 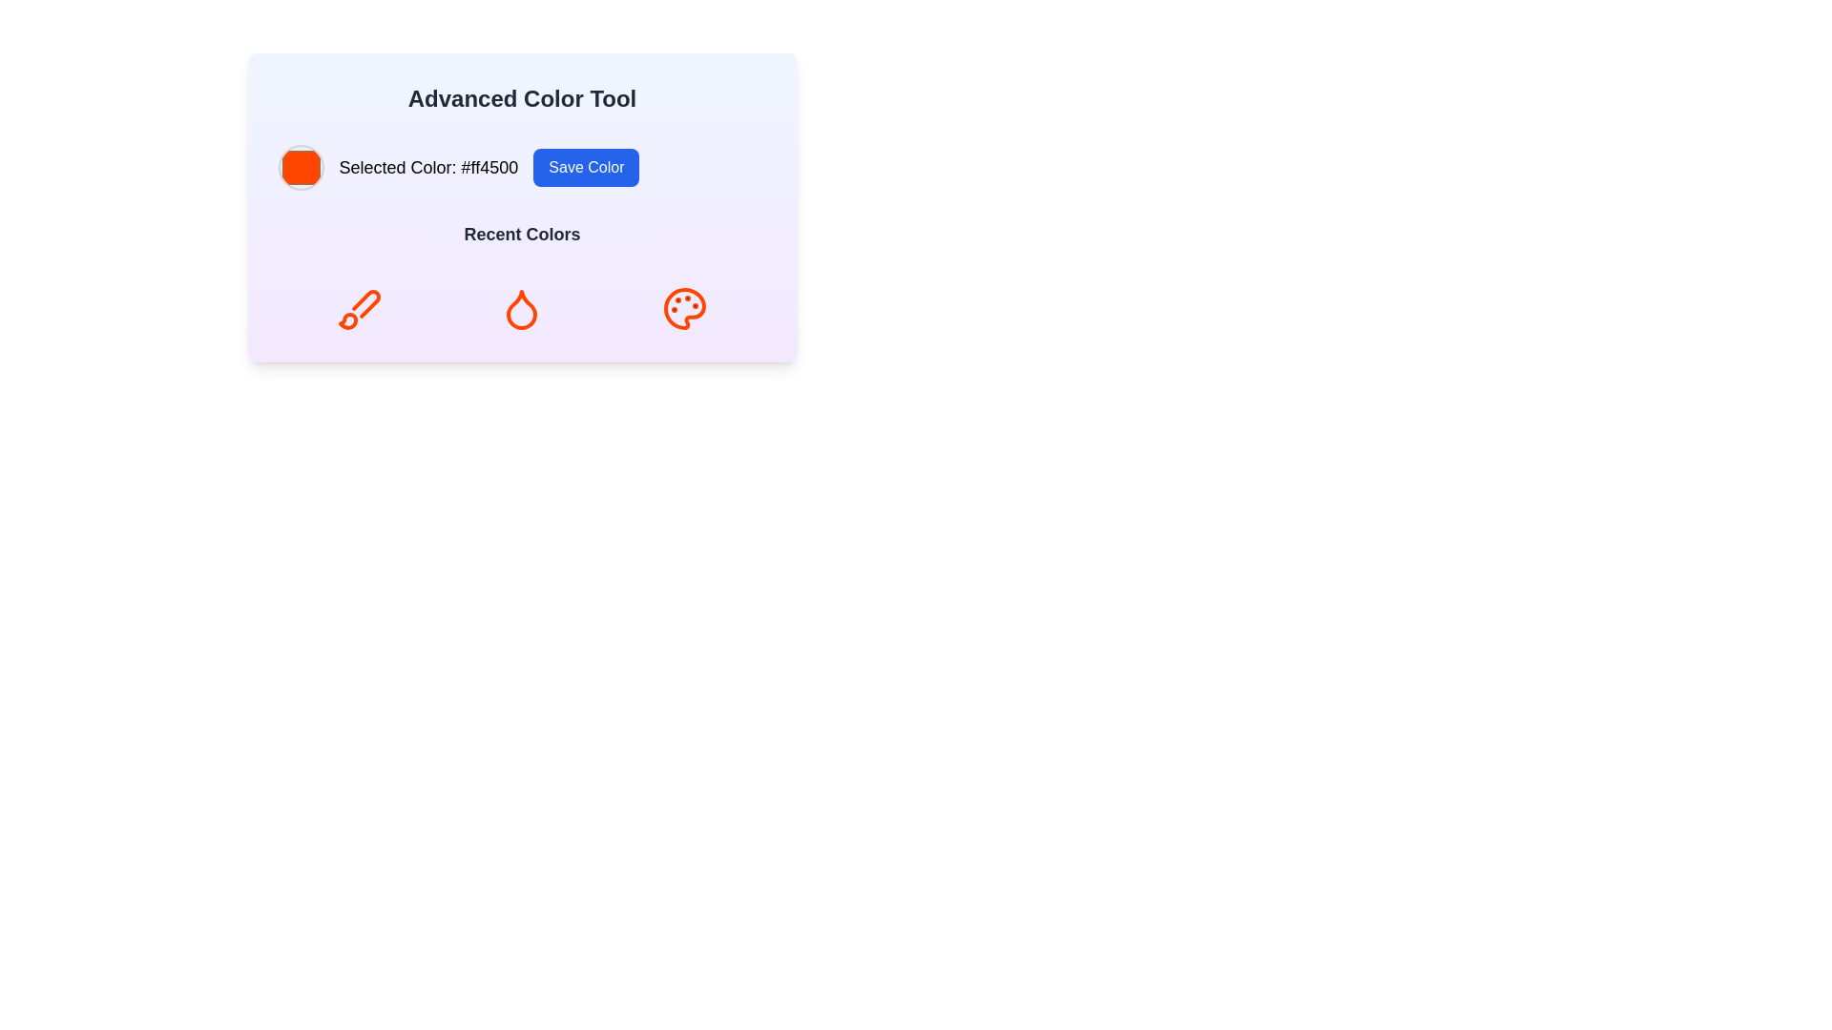 What do you see at coordinates (522, 308) in the screenshot?
I see `the middle icon in the 'Advanced Color Tool' section` at bounding box center [522, 308].